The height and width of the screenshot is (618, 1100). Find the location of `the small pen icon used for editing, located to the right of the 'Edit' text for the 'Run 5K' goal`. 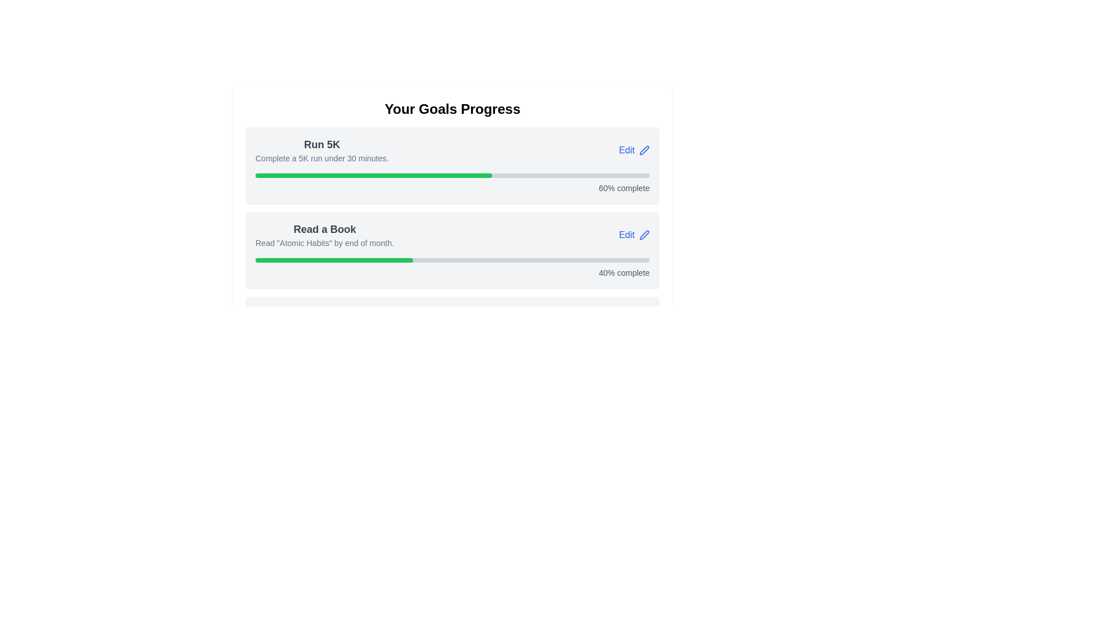

the small pen icon used for editing, located to the right of the 'Edit' text for the 'Run 5K' goal is located at coordinates (644, 149).